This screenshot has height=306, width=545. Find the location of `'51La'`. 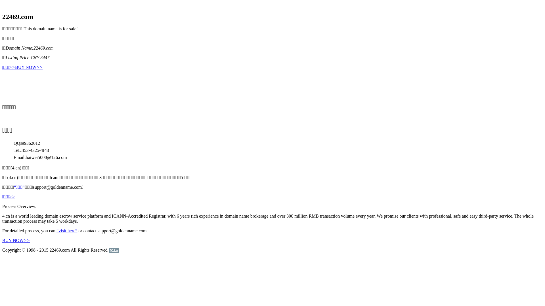

'51La' is located at coordinates (114, 250).